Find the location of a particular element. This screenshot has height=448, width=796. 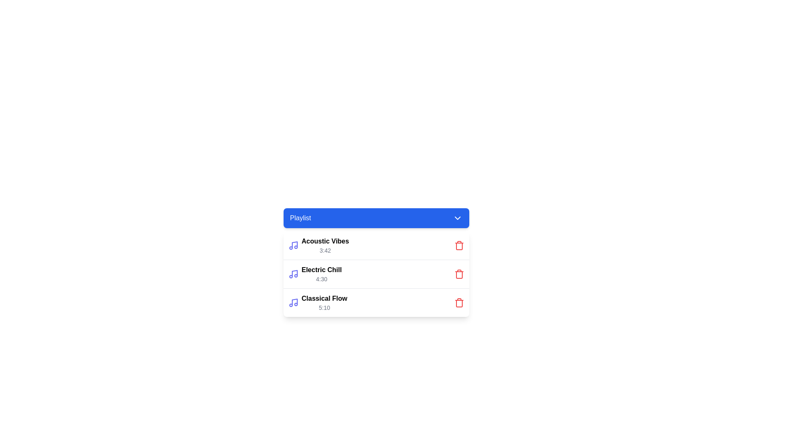

the trash can icon located to the right of the 'Electric Chill' playlist item is located at coordinates (459, 275).